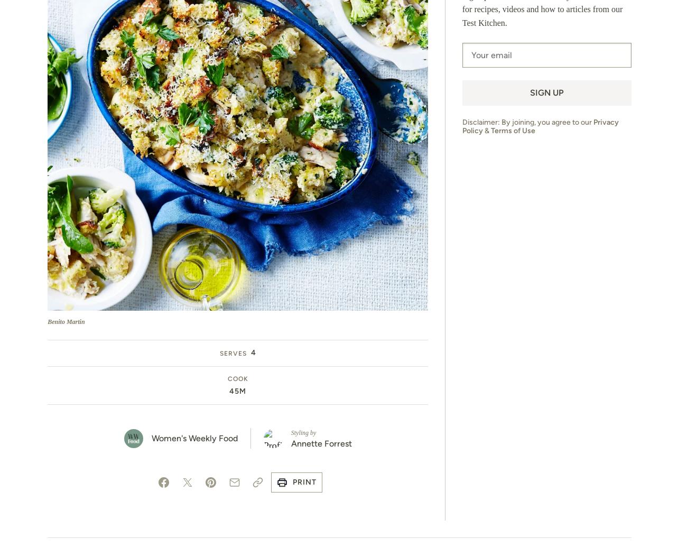  I want to click on '&', so click(486, 130).